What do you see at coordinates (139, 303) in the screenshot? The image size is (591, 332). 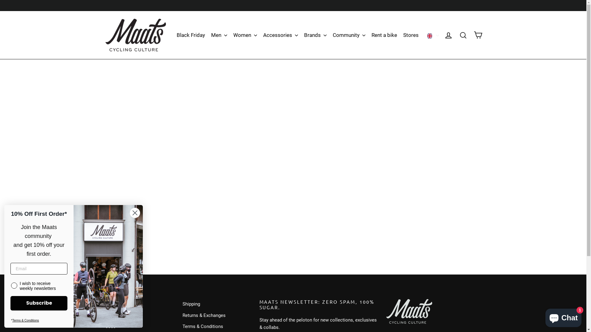 I see `'Maats Stores'` at bounding box center [139, 303].